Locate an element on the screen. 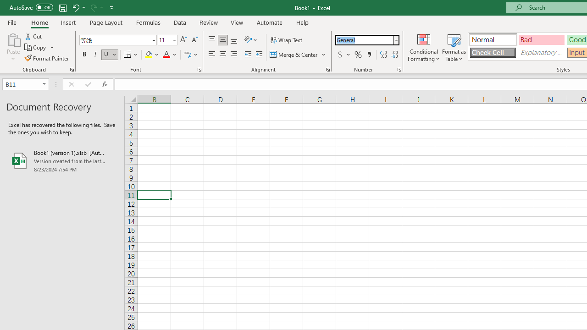 Image resolution: width=587 pixels, height=330 pixels. 'Paste' is located at coordinates (13, 38).